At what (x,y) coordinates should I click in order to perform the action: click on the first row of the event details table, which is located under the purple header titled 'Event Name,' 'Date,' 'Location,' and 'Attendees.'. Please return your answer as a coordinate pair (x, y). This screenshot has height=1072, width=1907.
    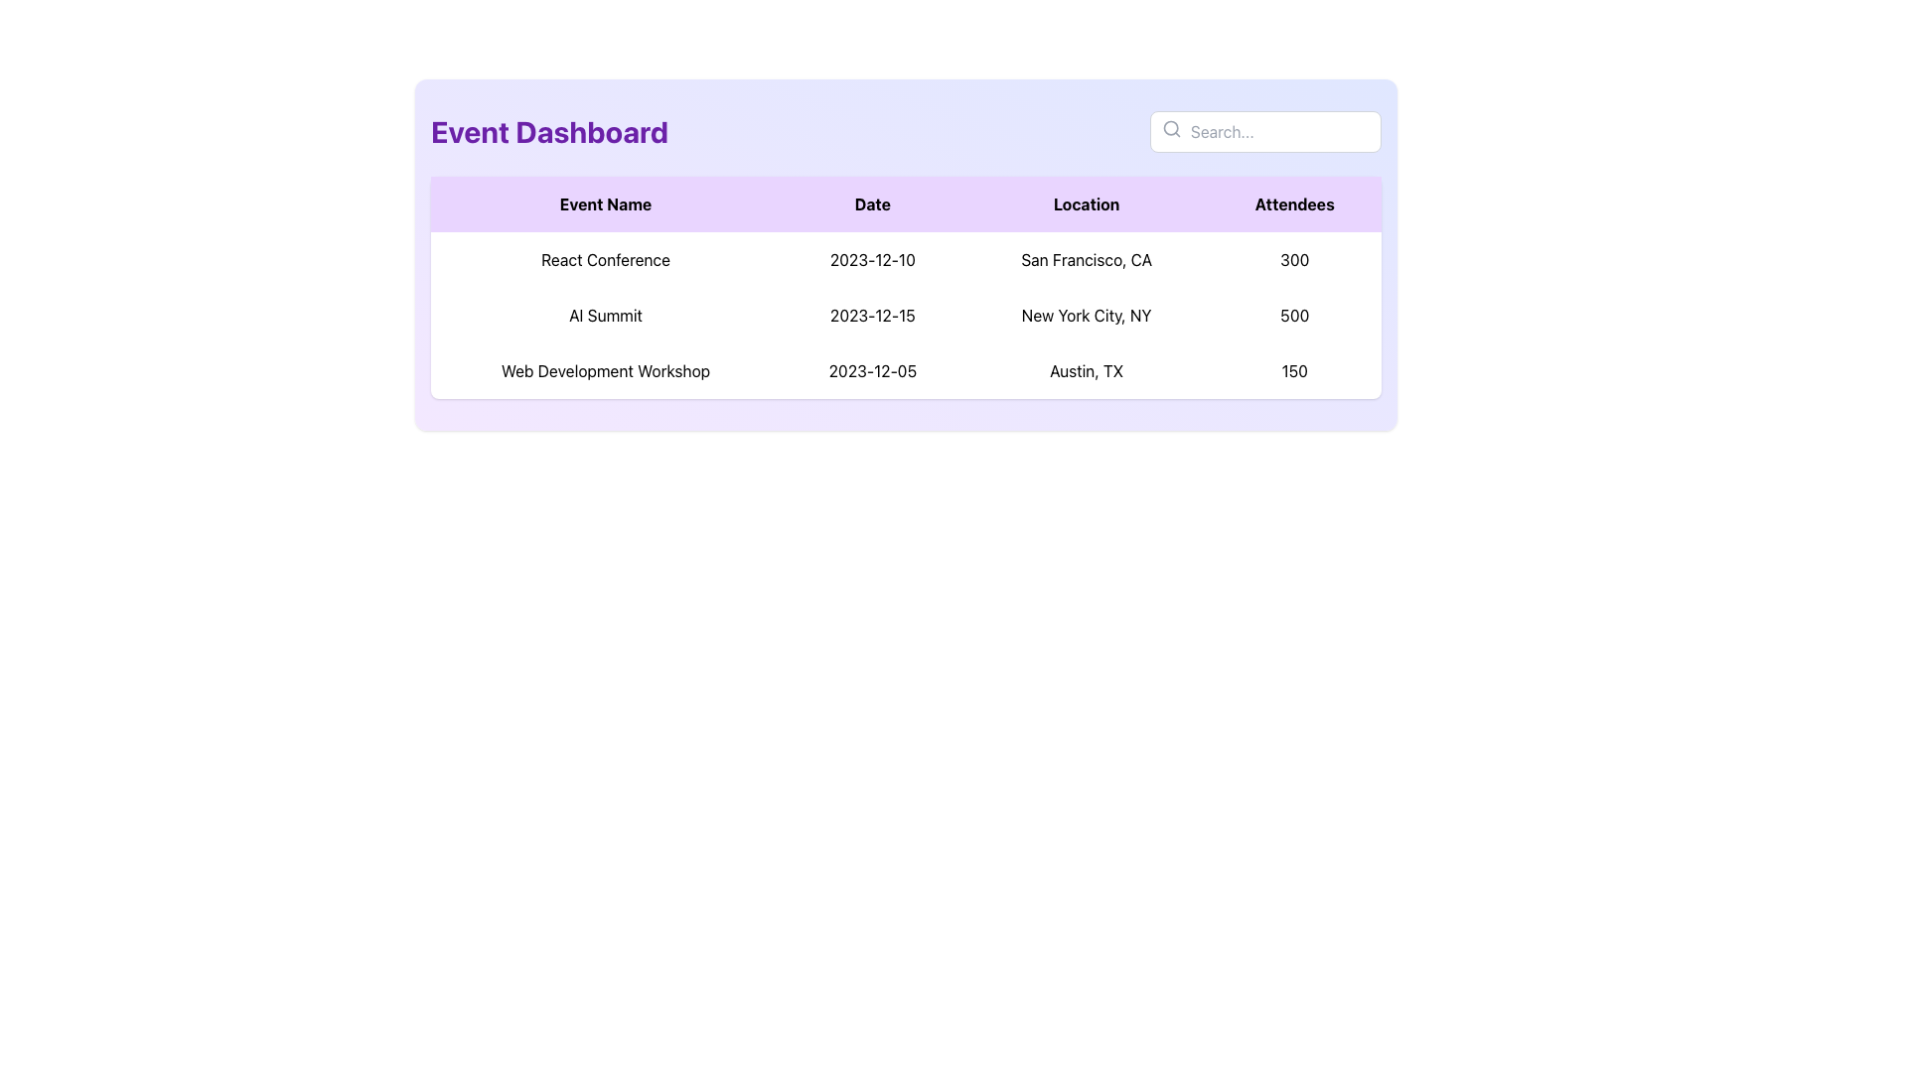
    Looking at the image, I should click on (905, 259).